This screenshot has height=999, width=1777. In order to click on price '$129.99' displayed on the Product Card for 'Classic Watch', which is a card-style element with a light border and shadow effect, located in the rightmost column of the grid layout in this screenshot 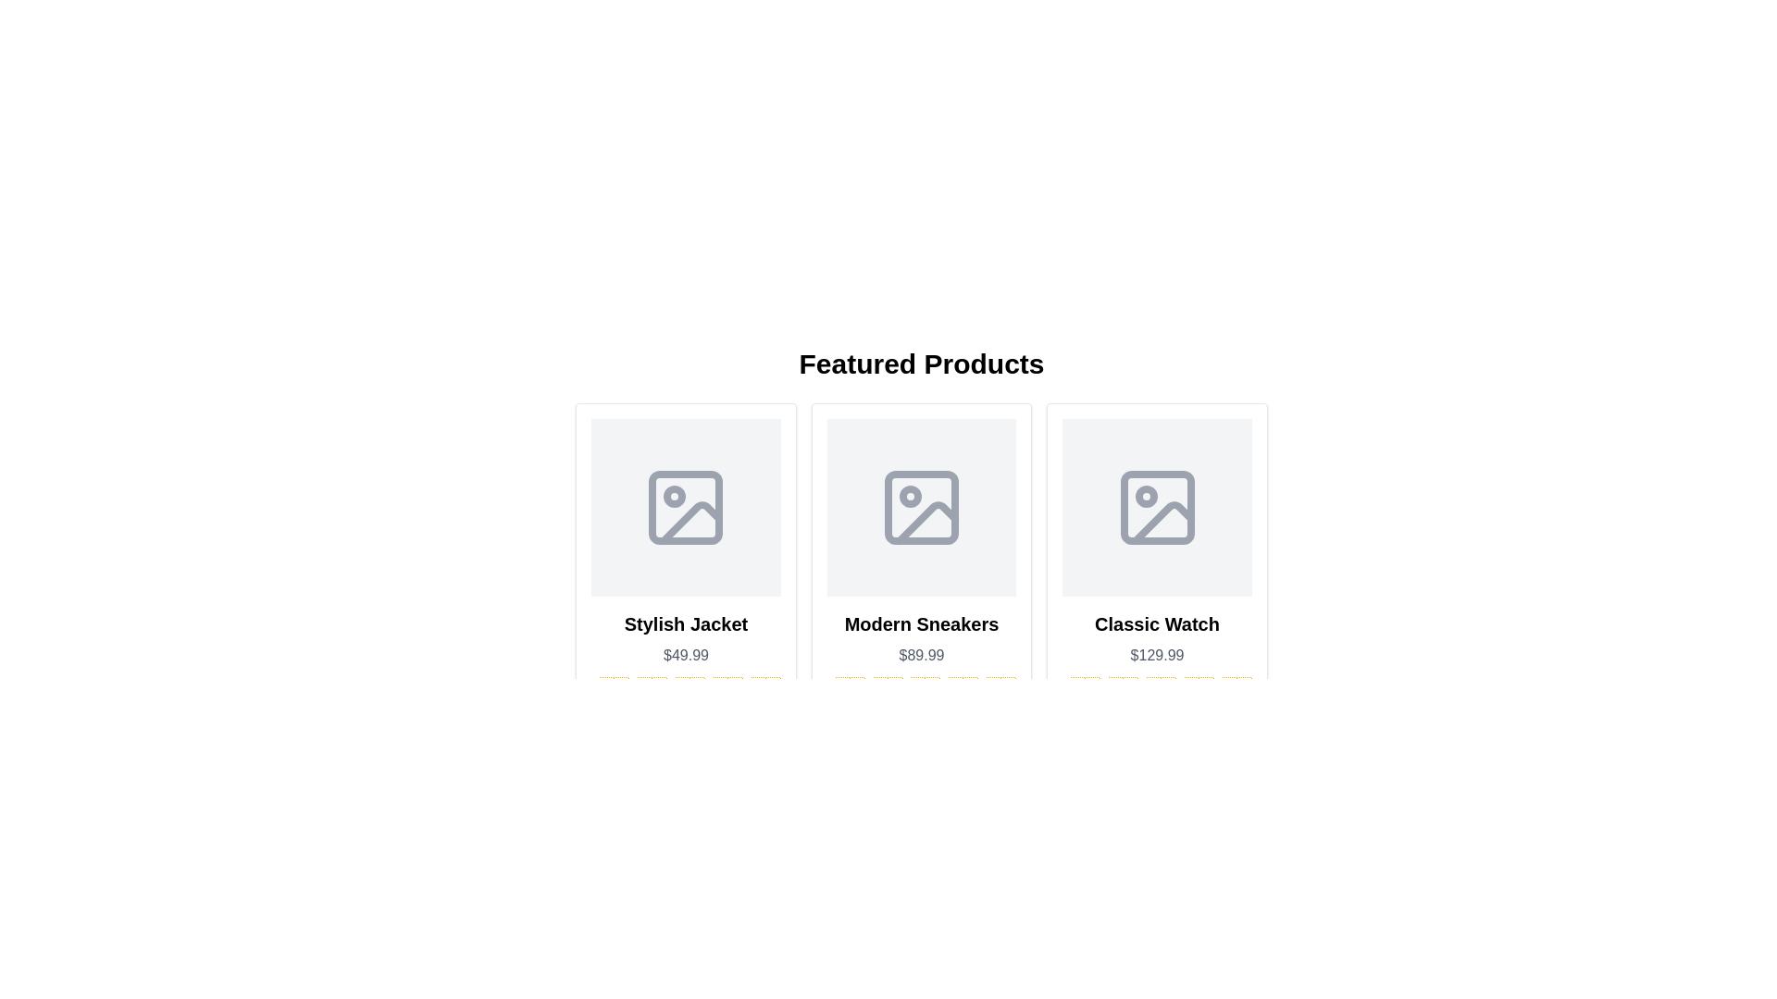, I will do `click(1156, 579)`.